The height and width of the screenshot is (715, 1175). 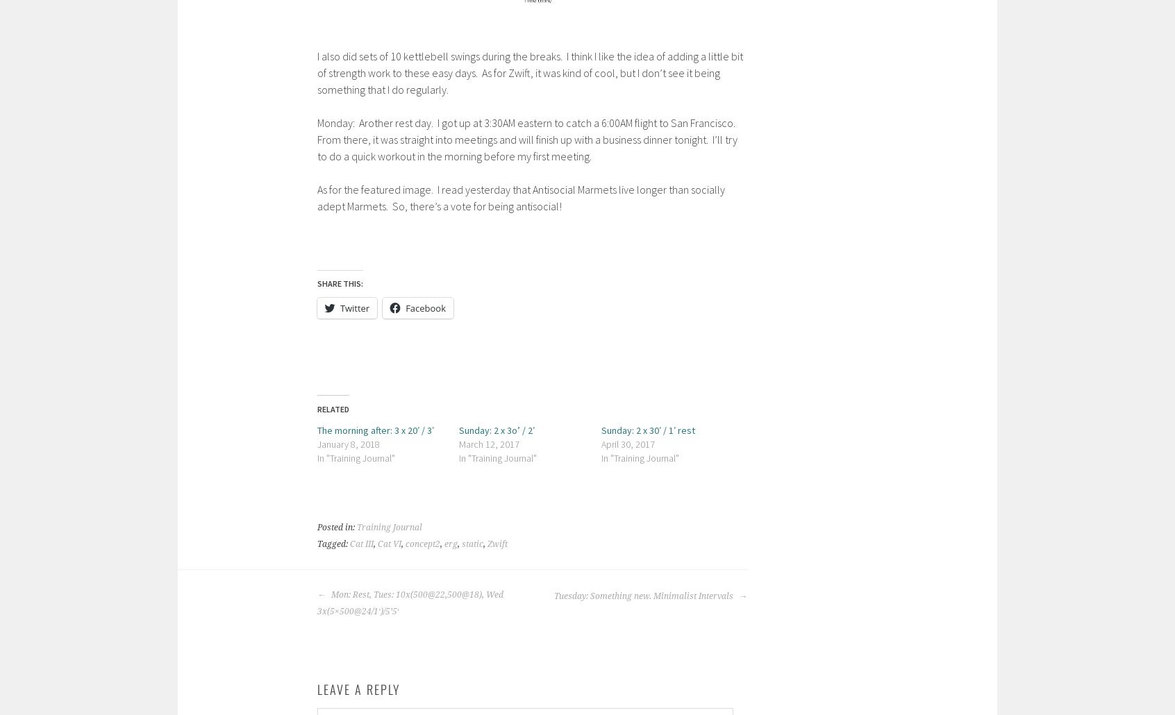 I want to click on 'Monday:  Arother rest day.  I got up at 3:30AM eastern to catch a 6:00AM flight to San Francisco.  From there, it was straight into meetings and will finish up with a business dinner tonight.  I’ll try to do a quick workout in the morning before my first meeting.', so click(x=526, y=139).